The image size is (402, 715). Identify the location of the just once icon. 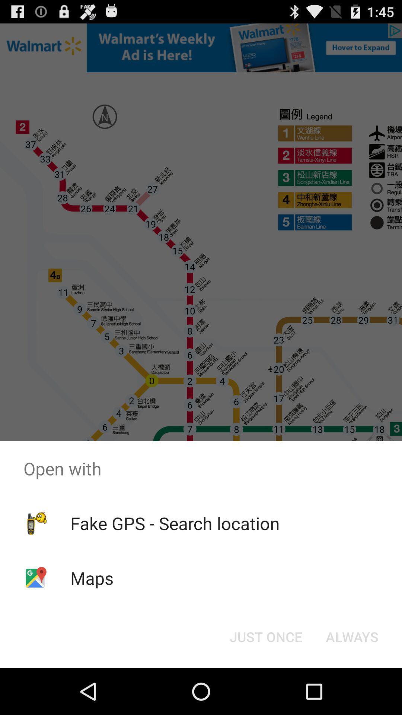
(265, 636).